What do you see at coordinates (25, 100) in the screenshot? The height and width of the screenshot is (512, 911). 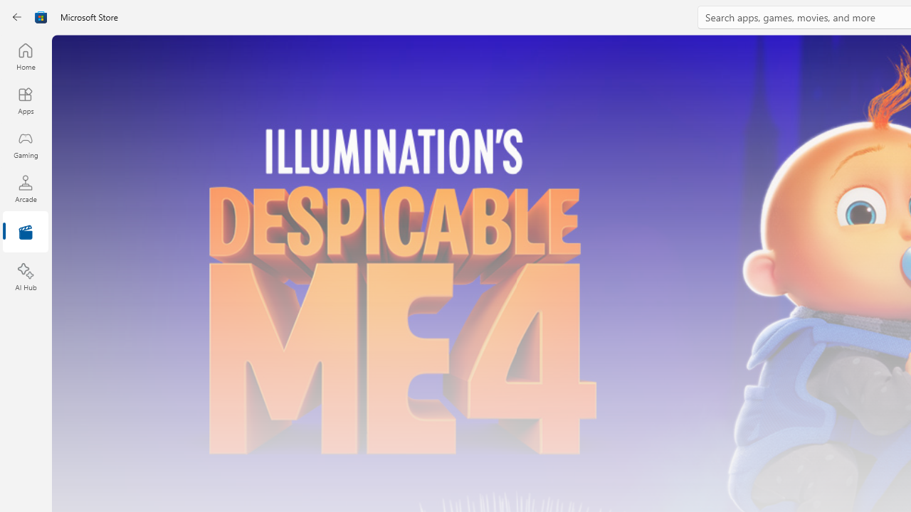 I see `'Apps'` at bounding box center [25, 100].